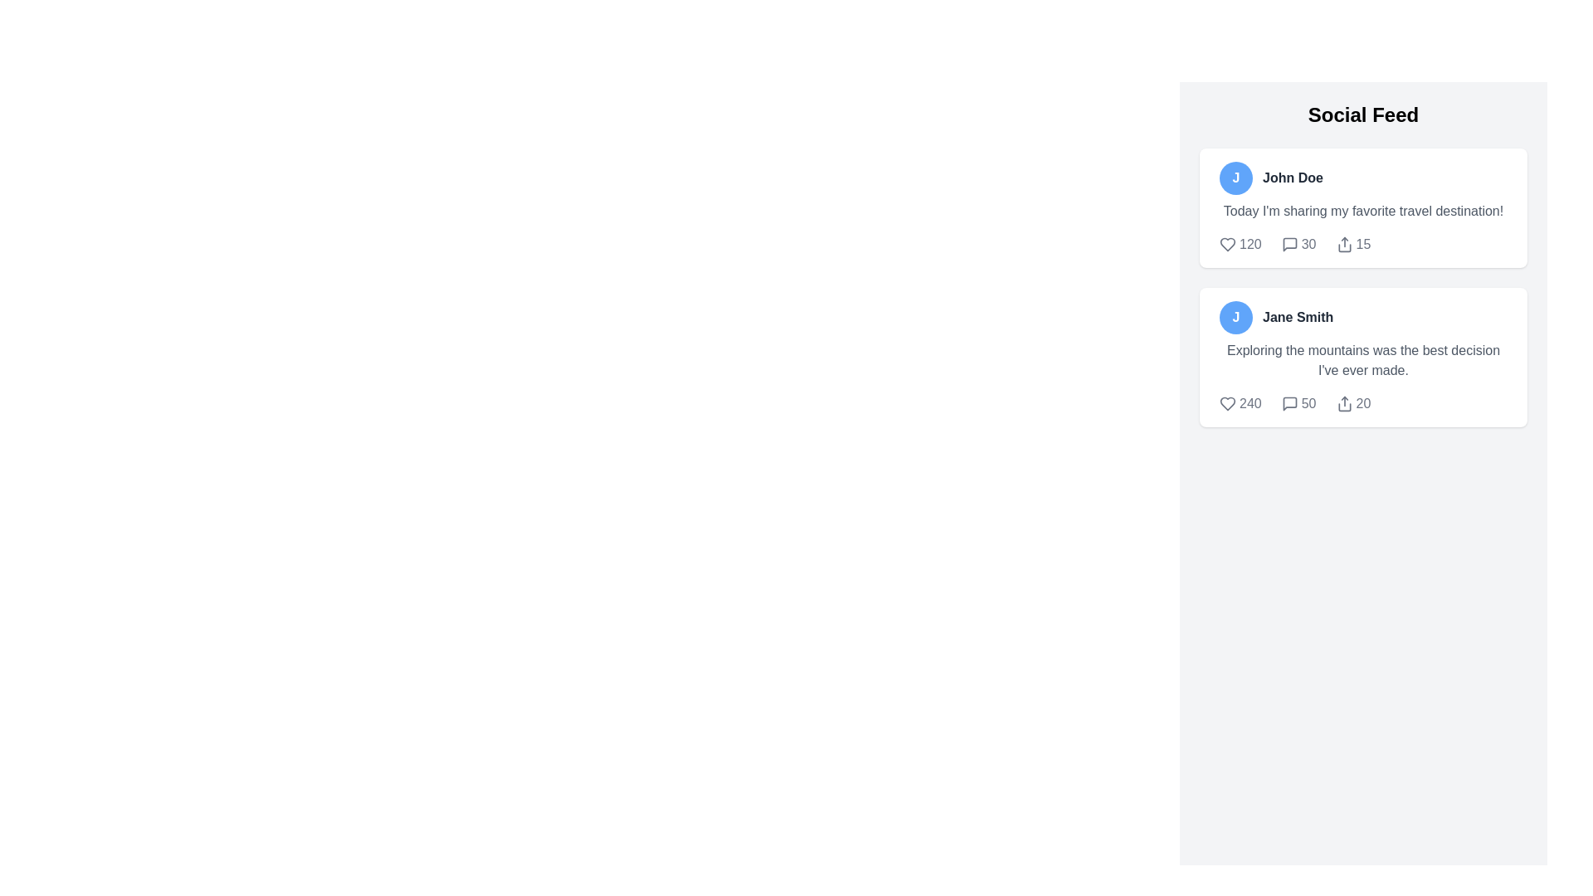 This screenshot has height=896, width=1593. Describe the element at coordinates (1235, 178) in the screenshot. I see `the circular blue avatar icon with a white letter 'J' in the center, located in the top section of the social feed post` at that location.